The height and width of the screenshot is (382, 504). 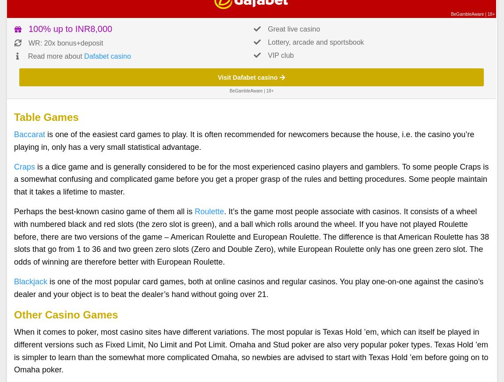 I want to click on 'Read more about', so click(x=55, y=56).